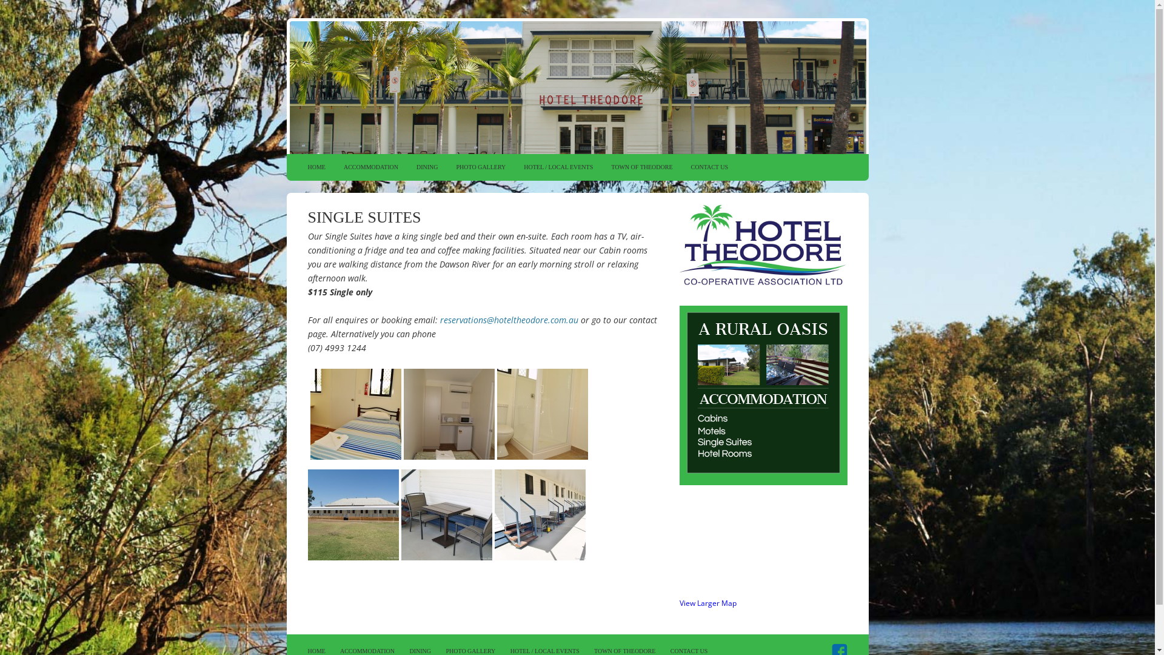 This screenshot has width=1164, height=655. I want to click on 'HOTEL / LOCAL EVENTS', so click(544, 650).